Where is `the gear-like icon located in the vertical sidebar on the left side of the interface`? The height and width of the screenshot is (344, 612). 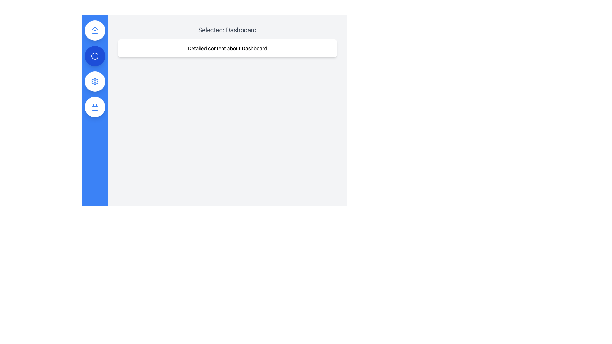 the gear-like icon located in the vertical sidebar on the left side of the interface is located at coordinates (94, 81).